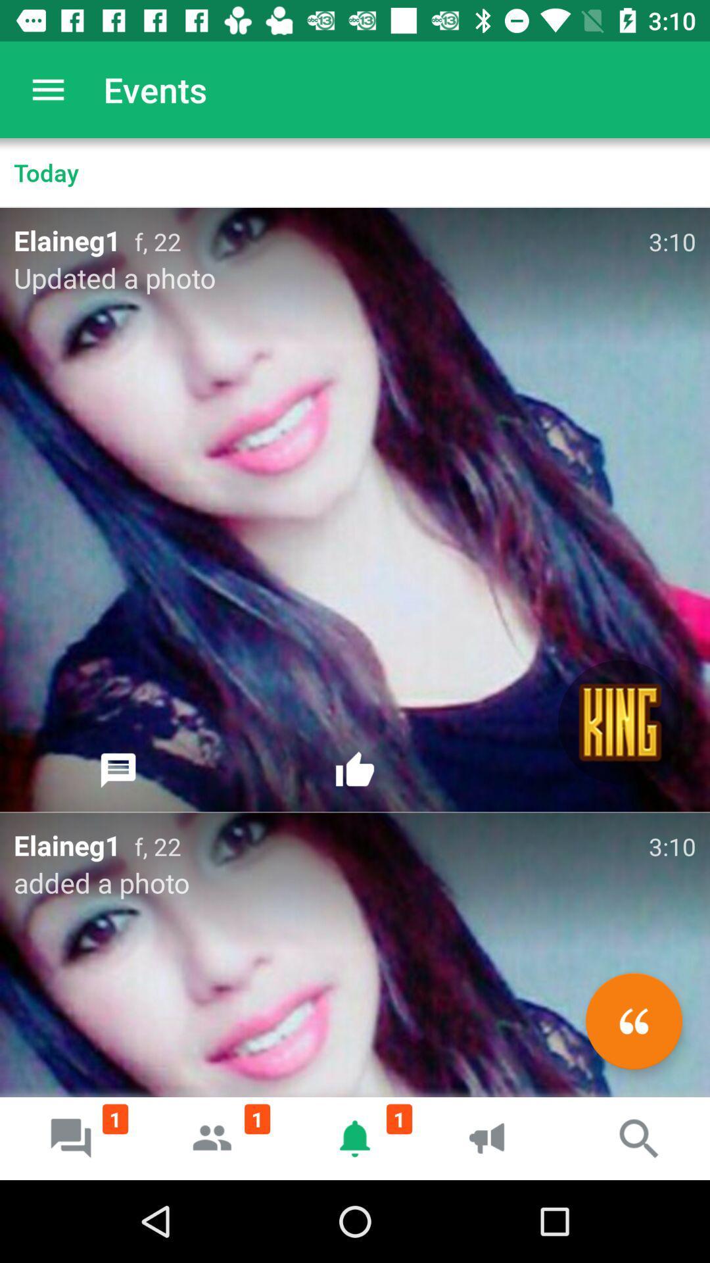 This screenshot has width=710, height=1263. Describe the element at coordinates (118, 770) in the screenshot. I see `post a comment` at that location.